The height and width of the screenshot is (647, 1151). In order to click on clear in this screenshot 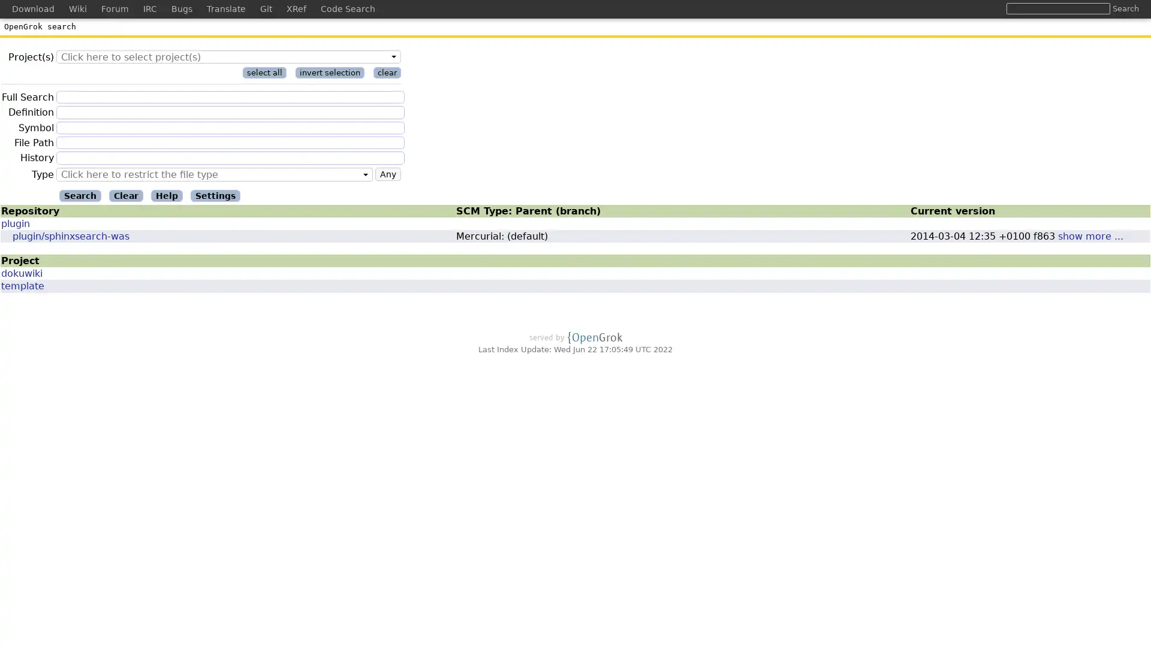, I will do `click(387, 72)`.